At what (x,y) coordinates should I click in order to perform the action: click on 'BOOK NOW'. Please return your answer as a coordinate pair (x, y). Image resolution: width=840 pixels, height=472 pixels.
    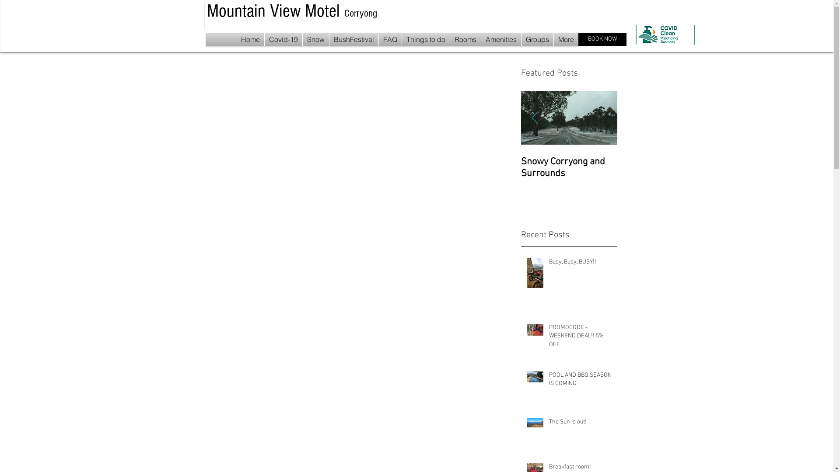
    Looking at the image, I should click on (602, 38).